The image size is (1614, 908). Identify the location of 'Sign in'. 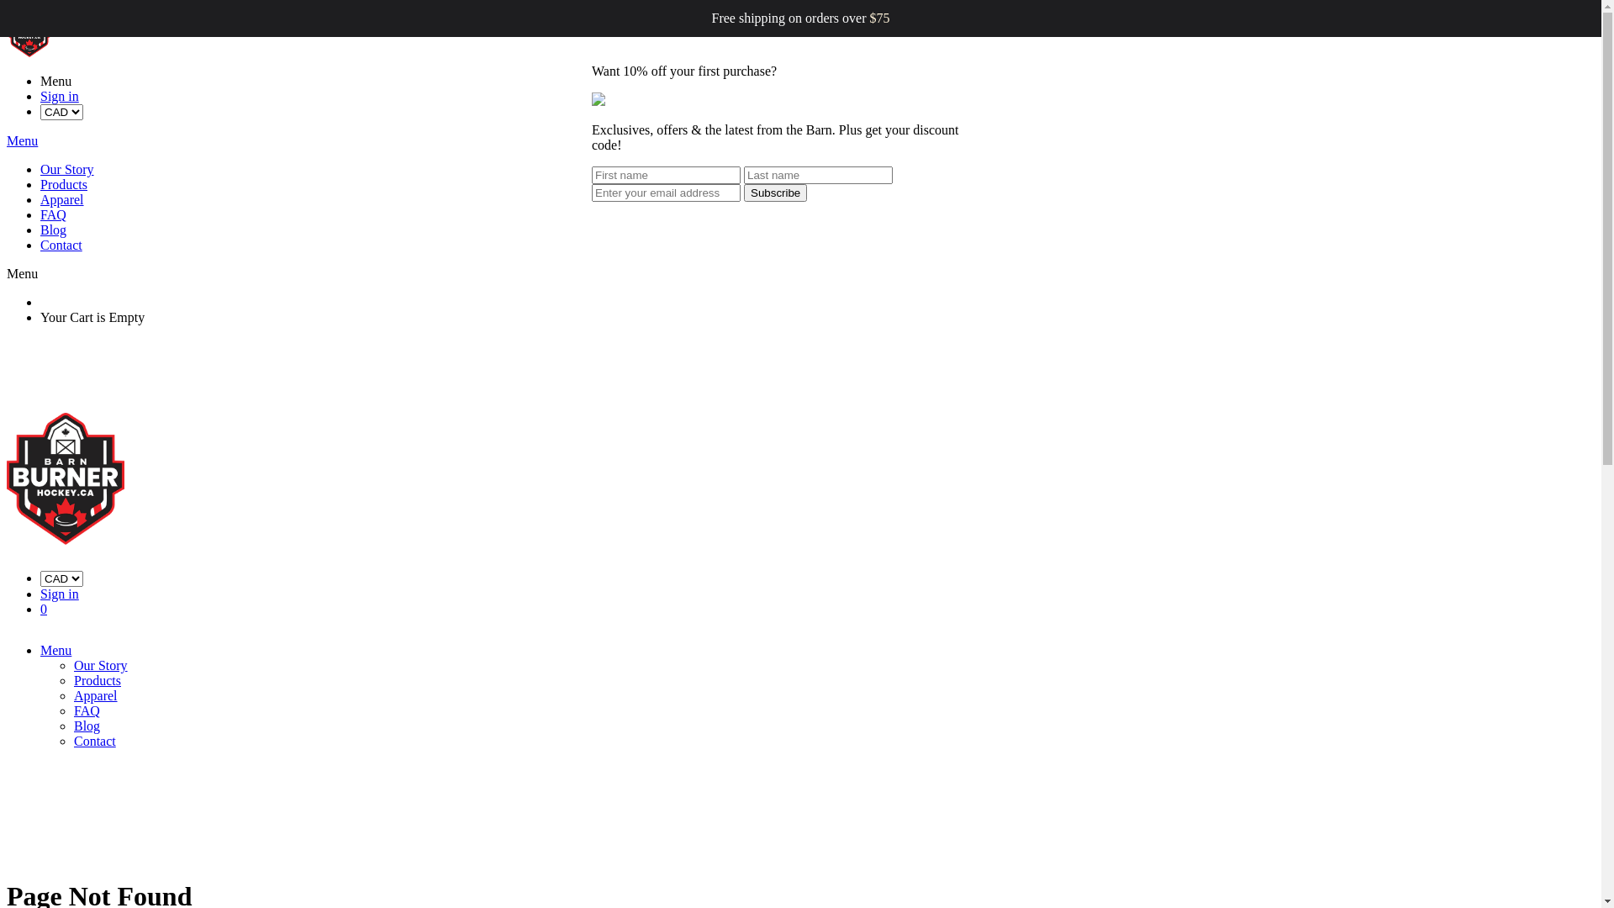
(60, 96).